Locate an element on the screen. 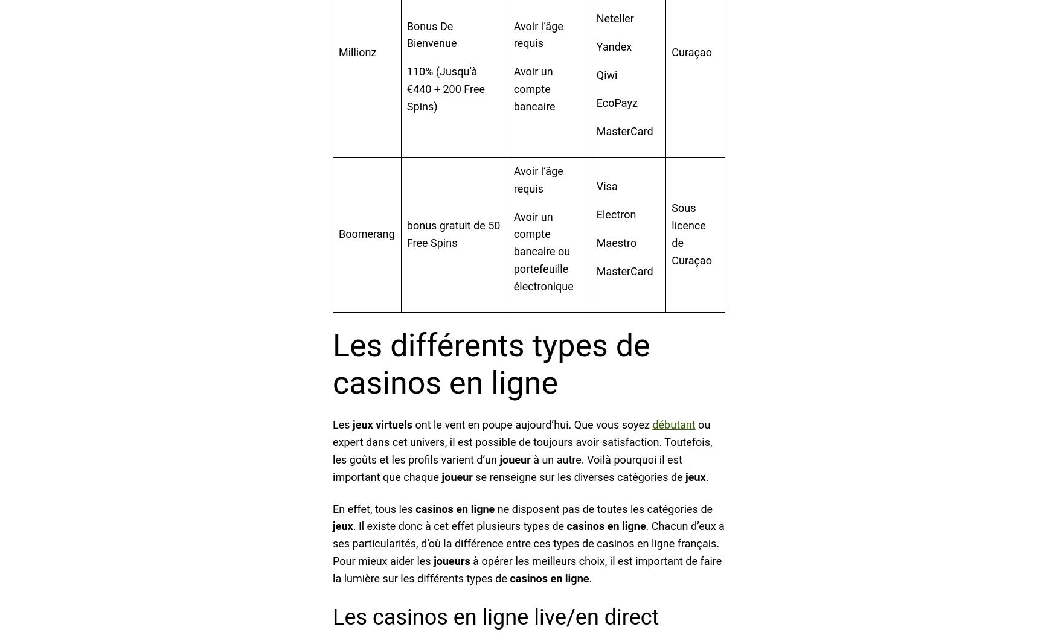 The image size is (1058, 641). 'se renseigne sur les diverses catégories de' is located at coordinates (578, 476).